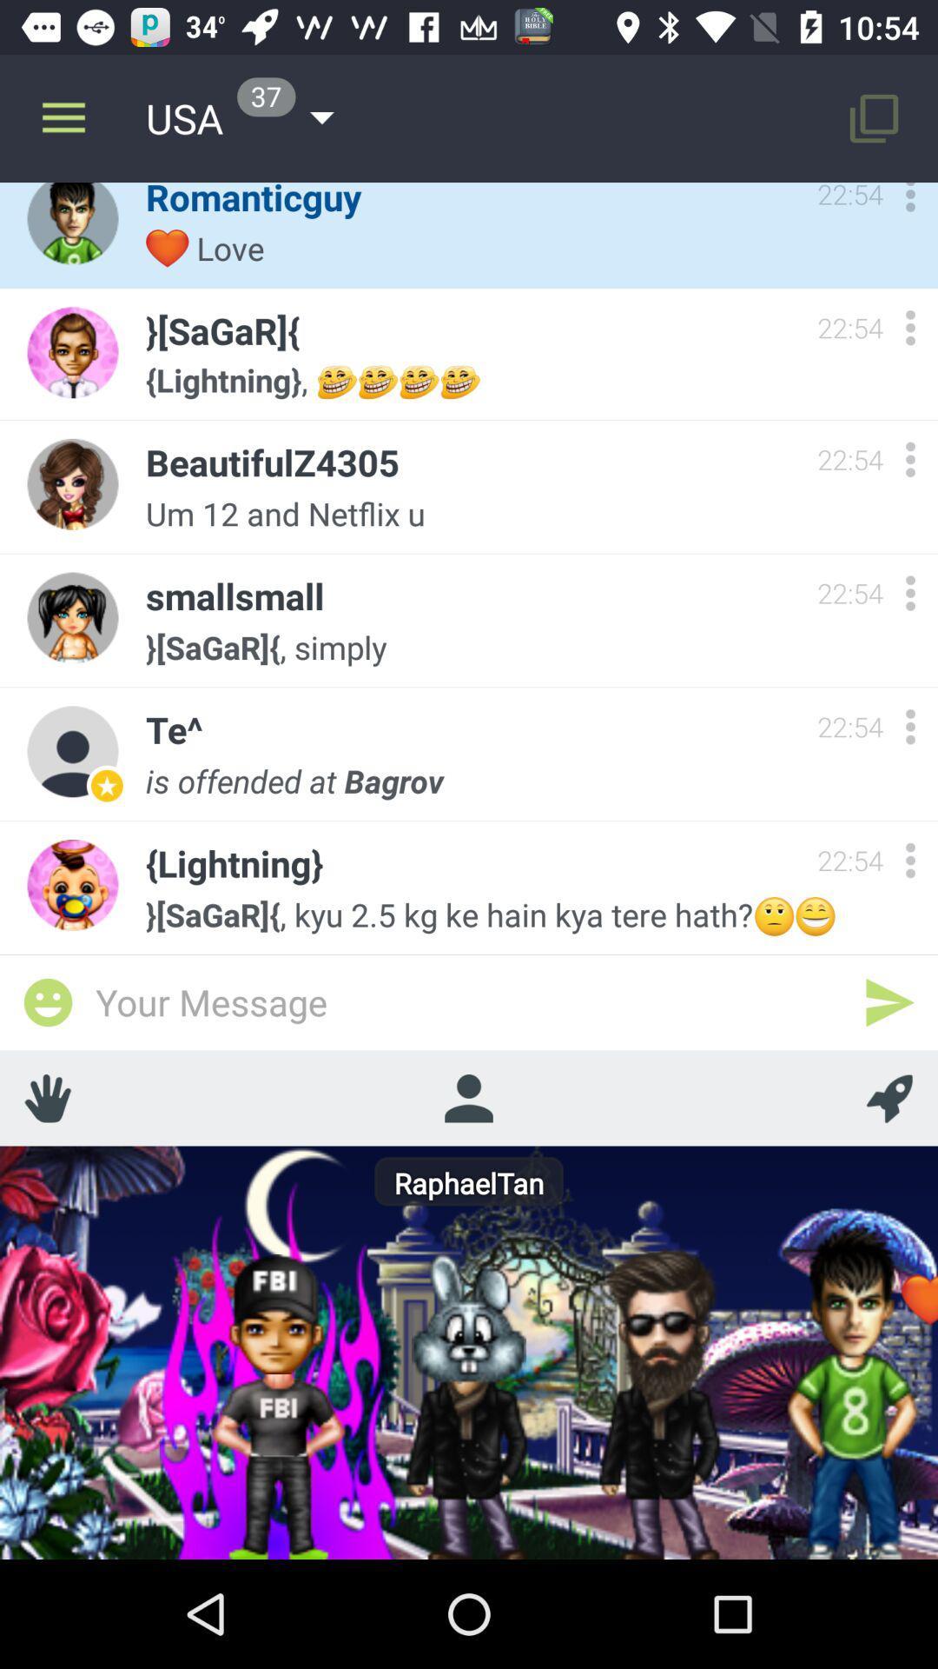  I want to click on icon next to romanticguy icon, so click(63, 117).